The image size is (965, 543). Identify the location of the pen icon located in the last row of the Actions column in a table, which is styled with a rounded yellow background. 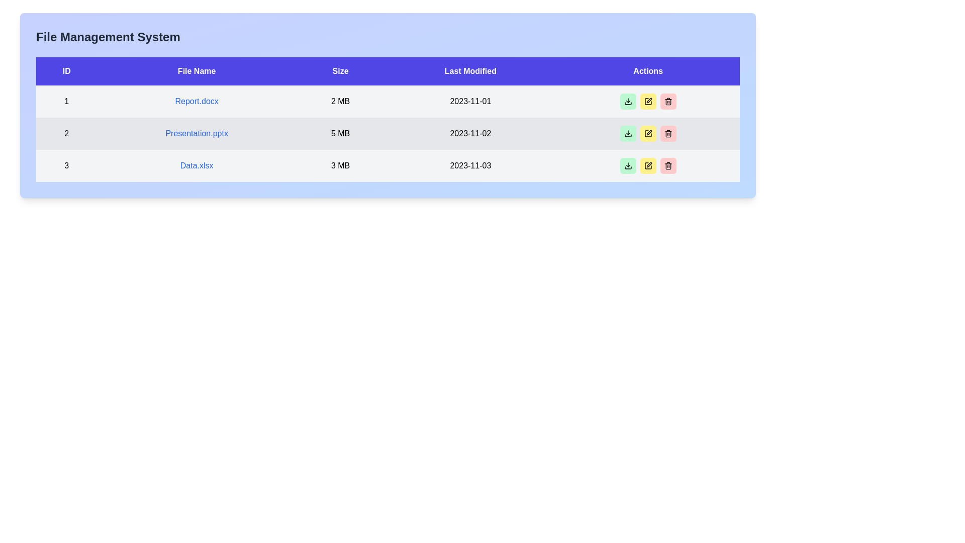
(648, 165).